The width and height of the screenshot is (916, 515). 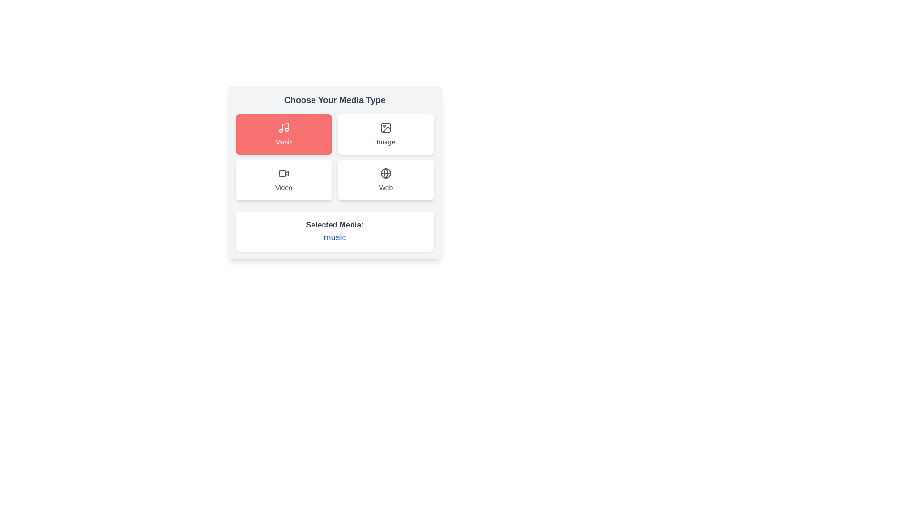 What do you see at coordinates (283, 134) in the screenshot?
I see `the button corresponding to the media type Music` at bounding box center [283, 134].